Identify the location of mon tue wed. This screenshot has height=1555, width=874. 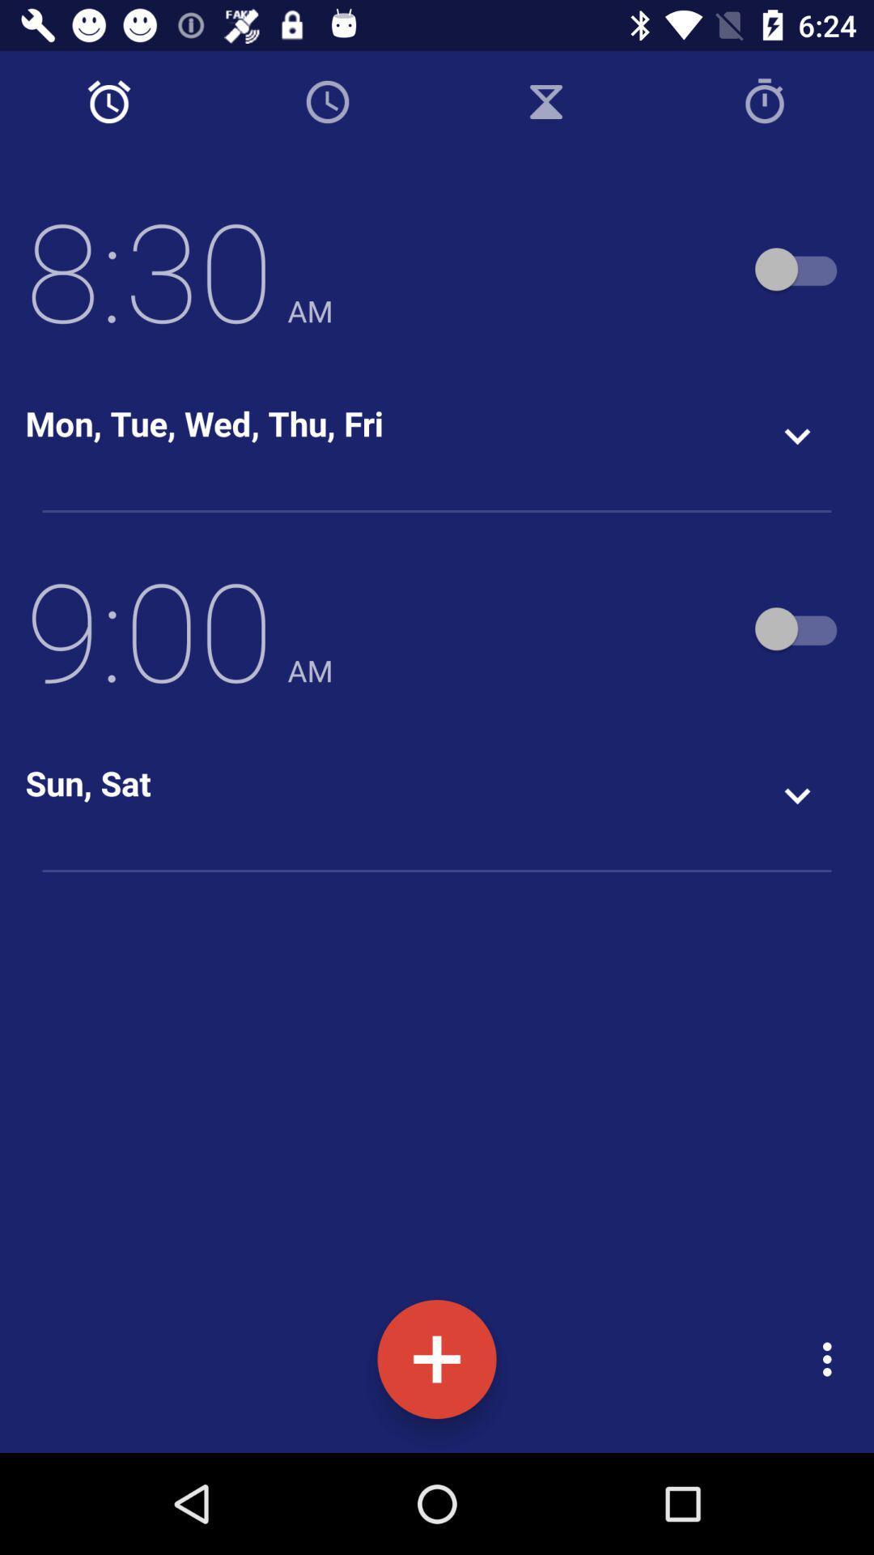
(203, 423).